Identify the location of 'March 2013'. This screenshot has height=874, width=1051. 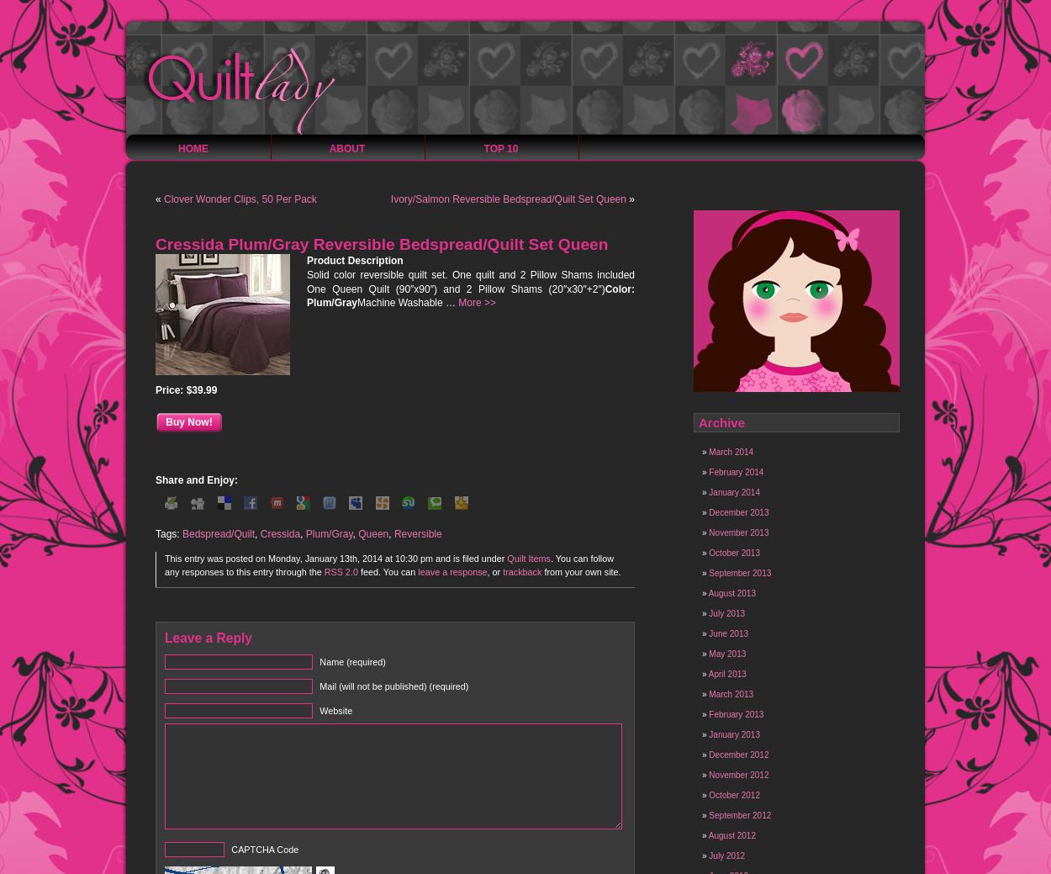
(730, 693).